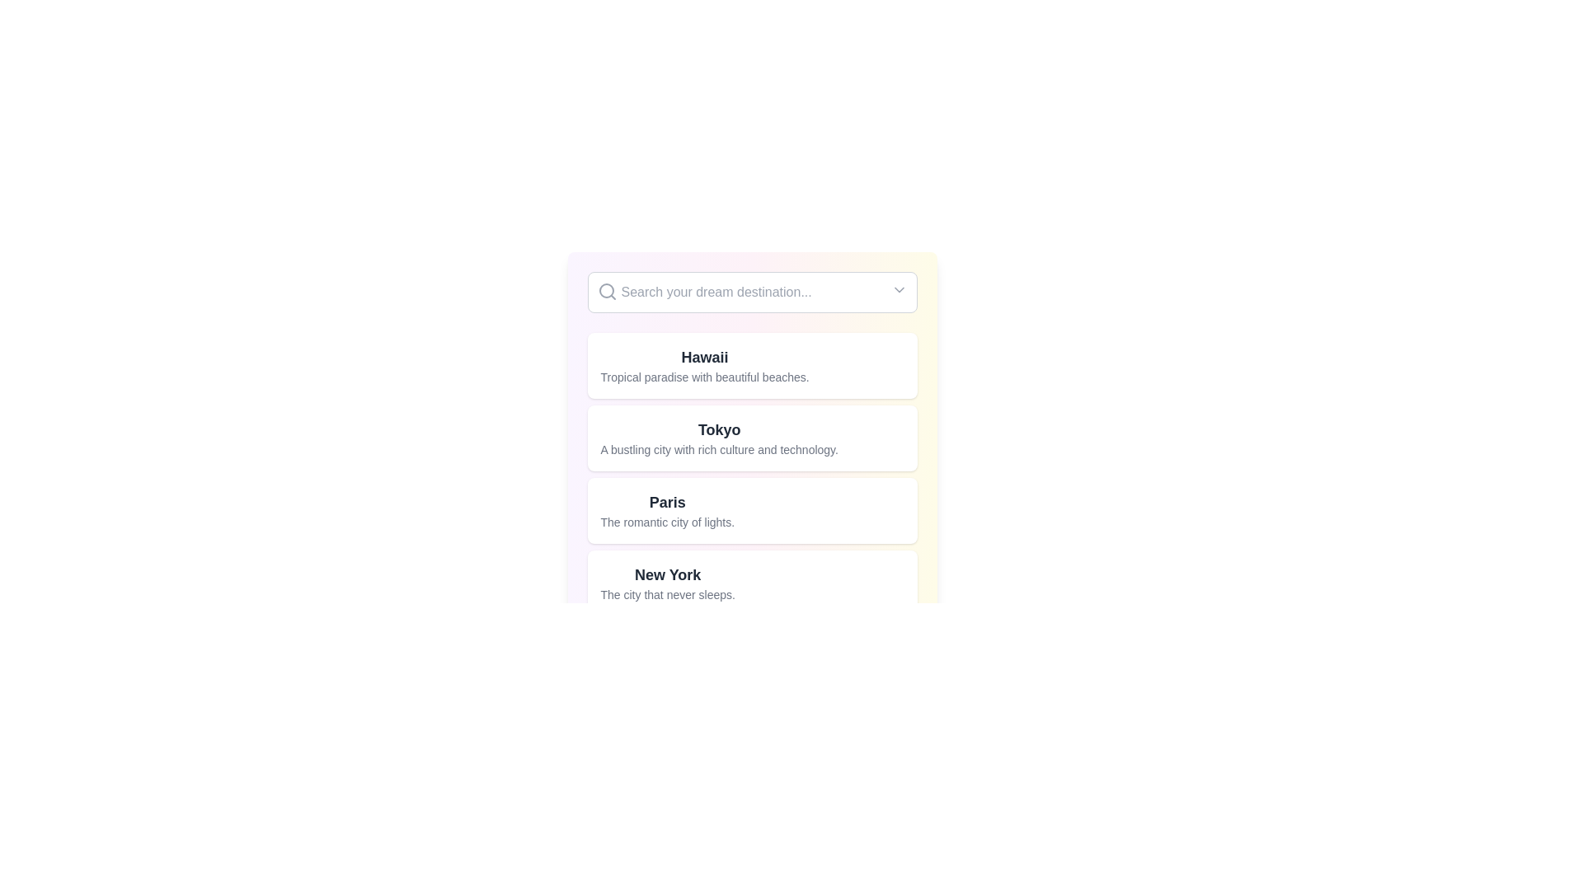  I want to click on the static text label providing a brief description of 'Tokyo', which is positioned directly beneath the main 'Tokyo' text in the interface, so click(719, 450).